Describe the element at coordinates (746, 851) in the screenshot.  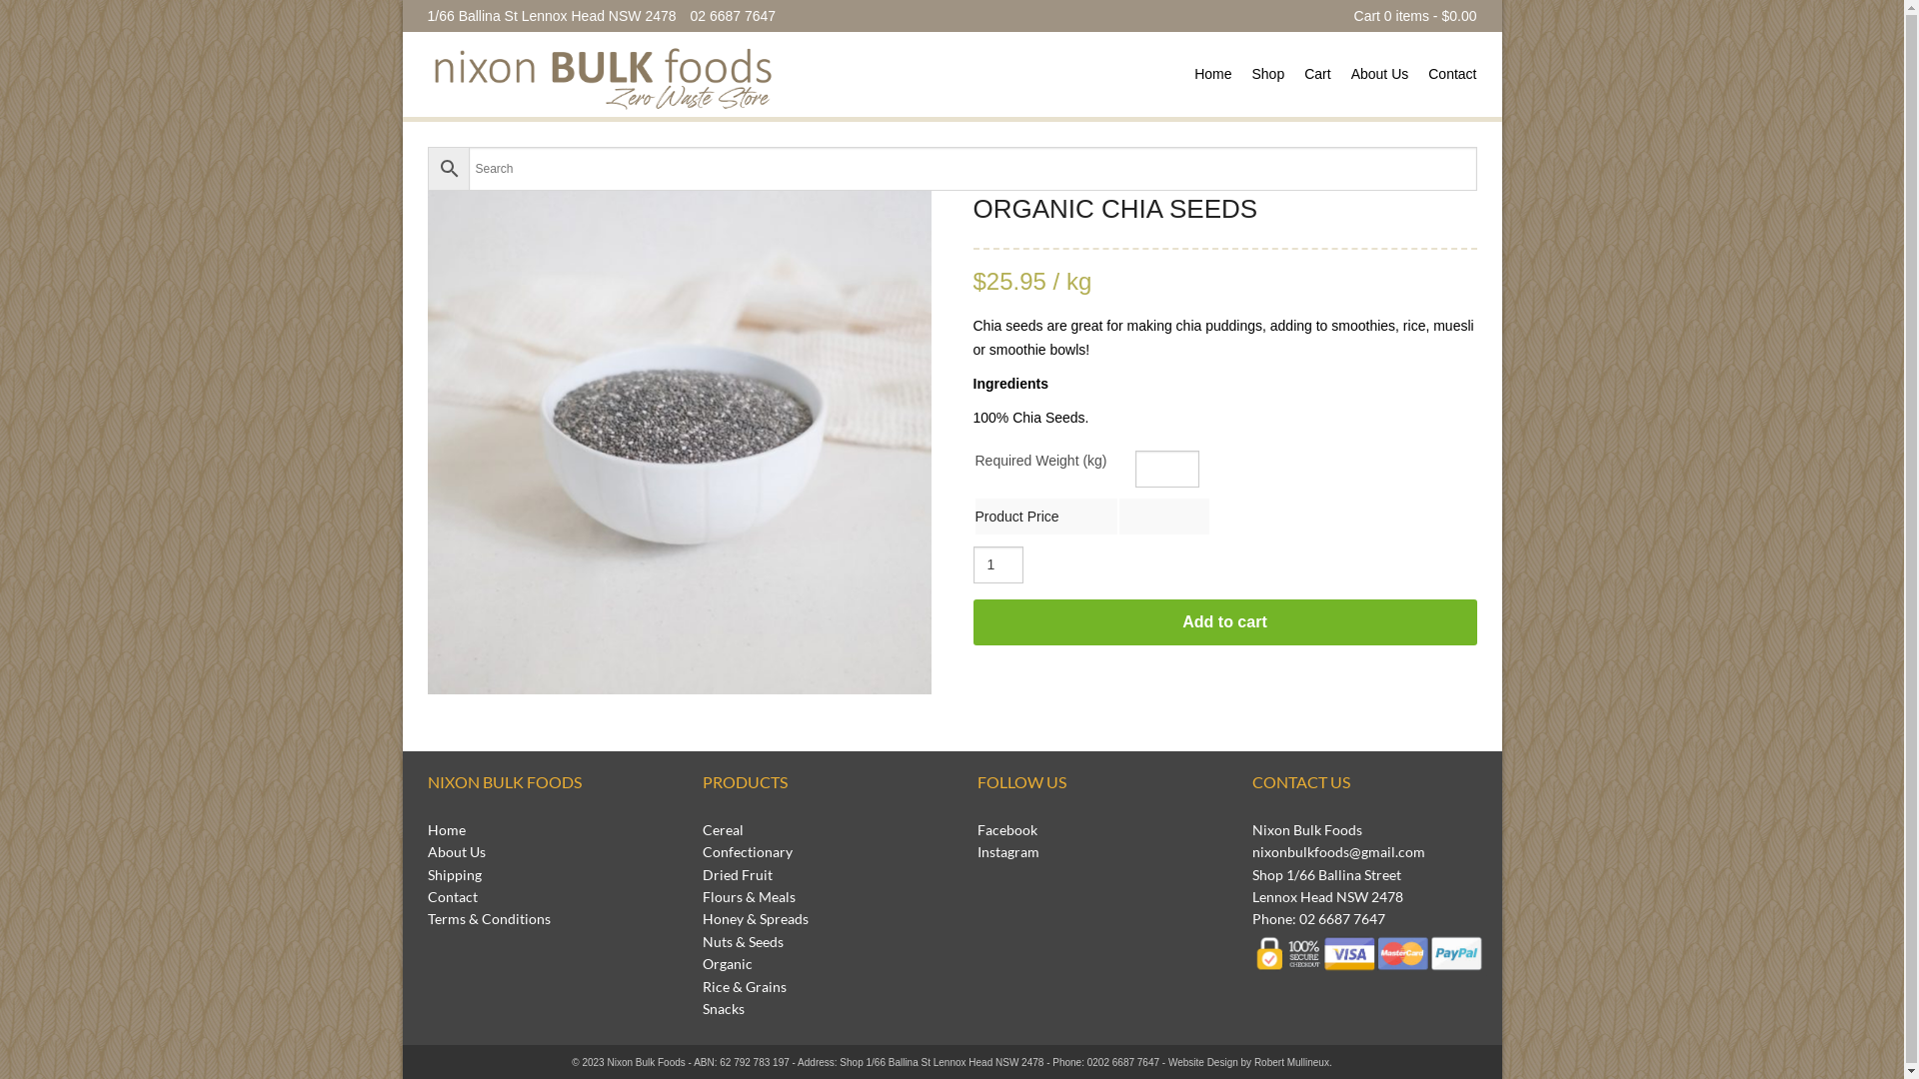
I see `'Confectionary'` at that location.